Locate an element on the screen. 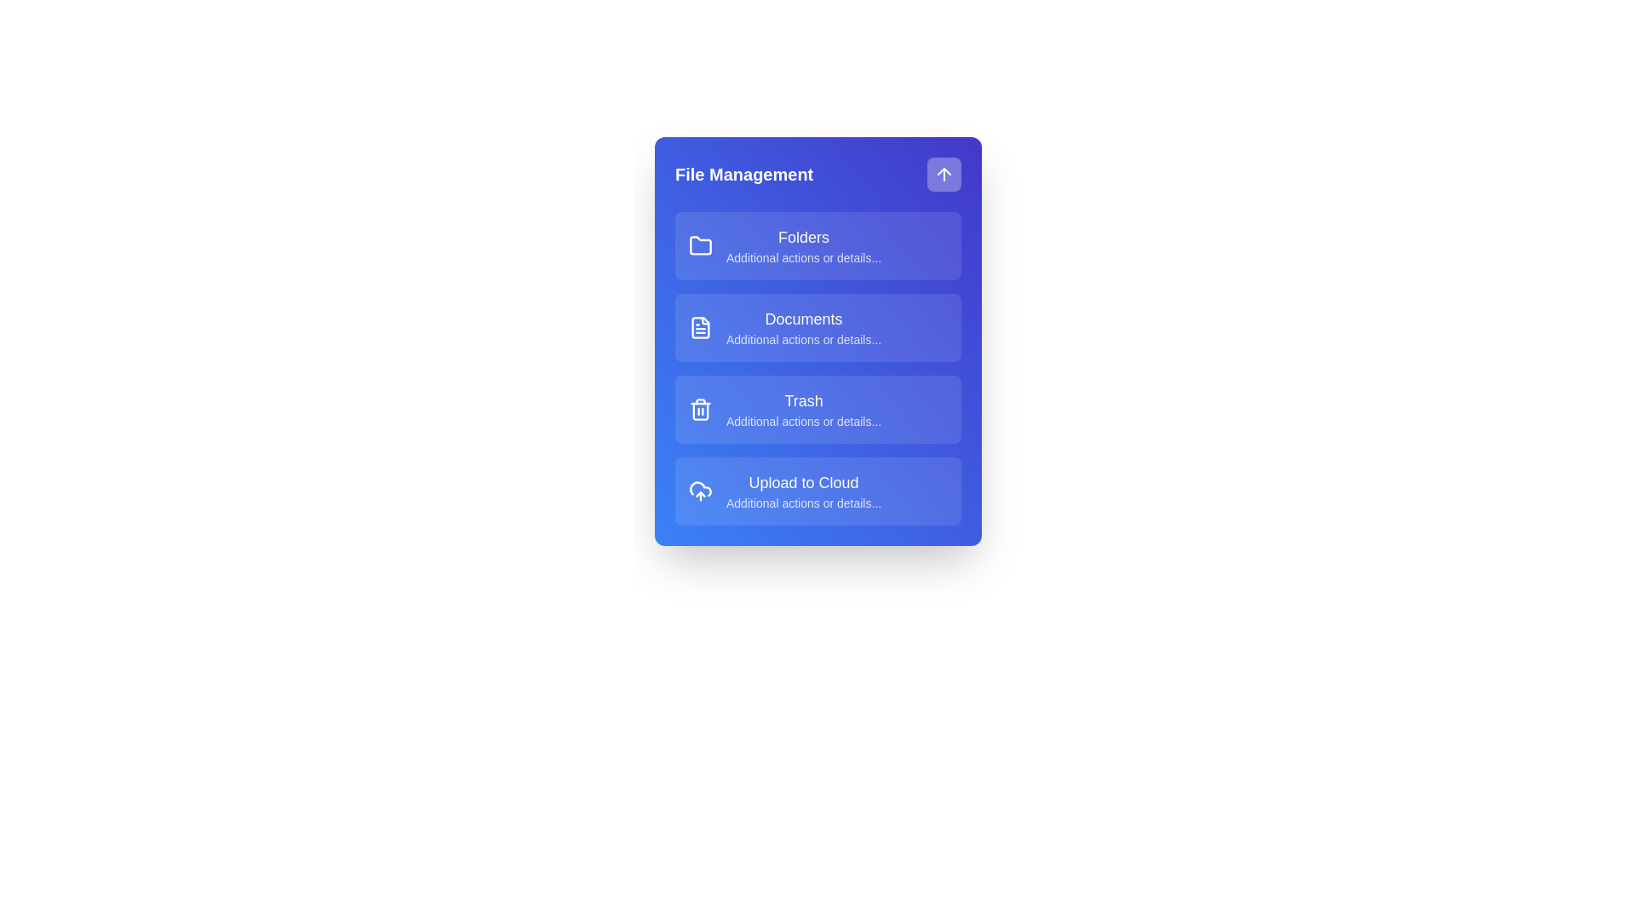 The image size is (1635, 920). the menu item Trash by clicking on it is located at coordinates (817, 410).